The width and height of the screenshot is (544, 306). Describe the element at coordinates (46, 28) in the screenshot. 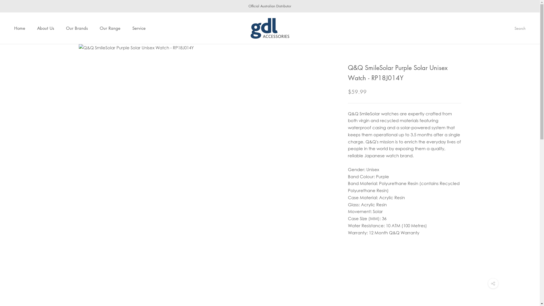

I see `'About Us` at that location.